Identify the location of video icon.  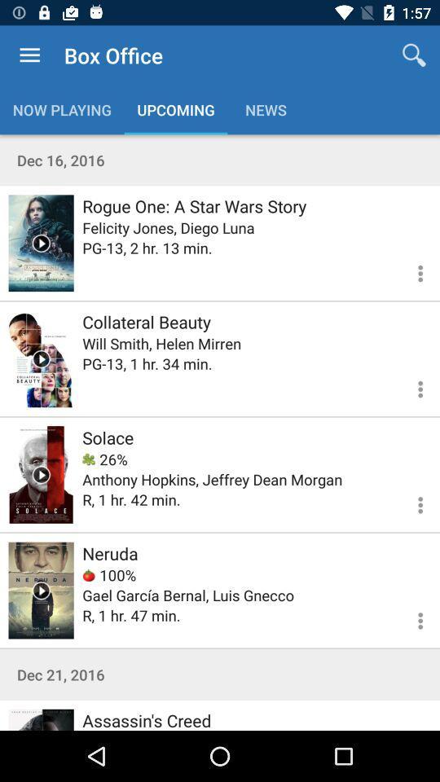
(41, 474).